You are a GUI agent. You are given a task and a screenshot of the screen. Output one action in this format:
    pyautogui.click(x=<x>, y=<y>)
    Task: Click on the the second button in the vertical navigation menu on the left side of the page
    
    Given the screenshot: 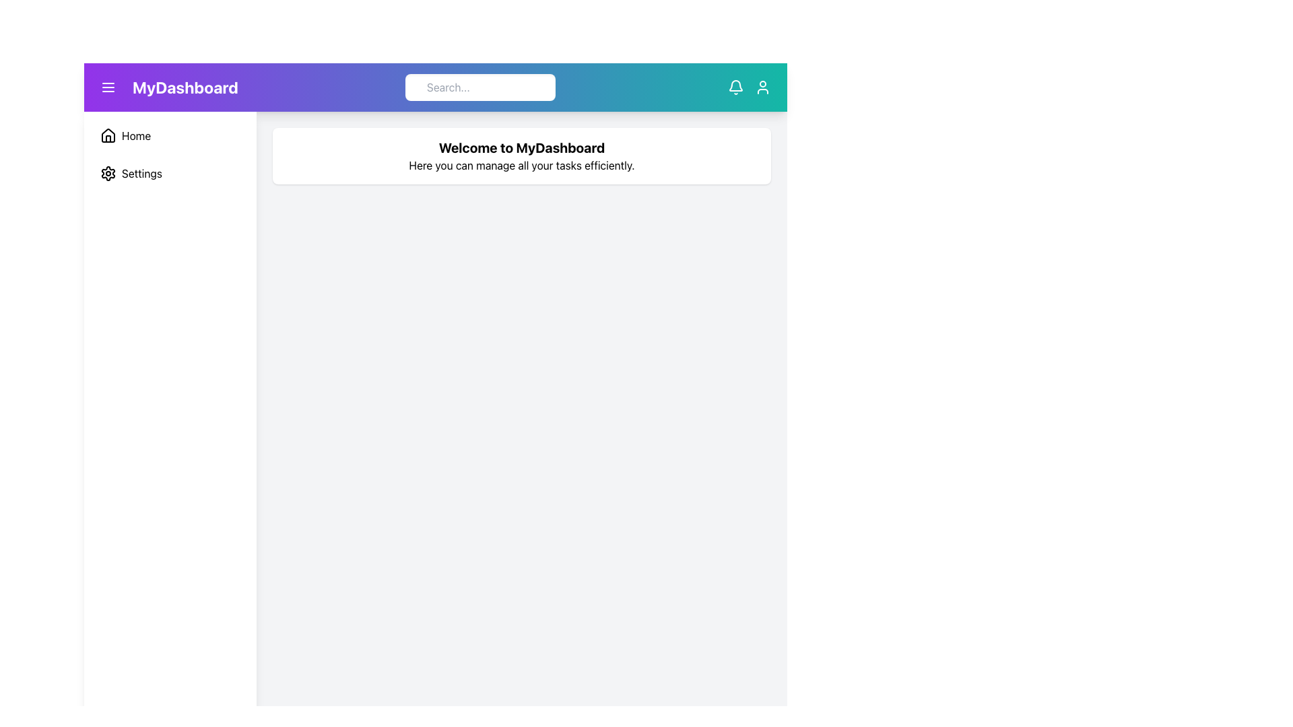 What is the action you would take?
    pyautogui.click(x=170, y=173)
    